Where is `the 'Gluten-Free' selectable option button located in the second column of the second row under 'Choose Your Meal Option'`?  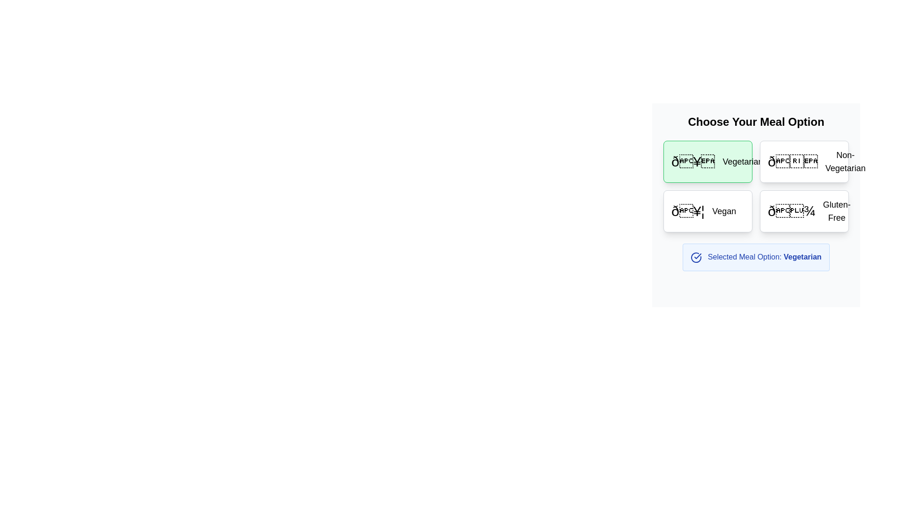 the 'Gluten-Free' selectable option button located in the second column of the second row under 'Choose Your Meal Option' is located at coordinates (804, 211).